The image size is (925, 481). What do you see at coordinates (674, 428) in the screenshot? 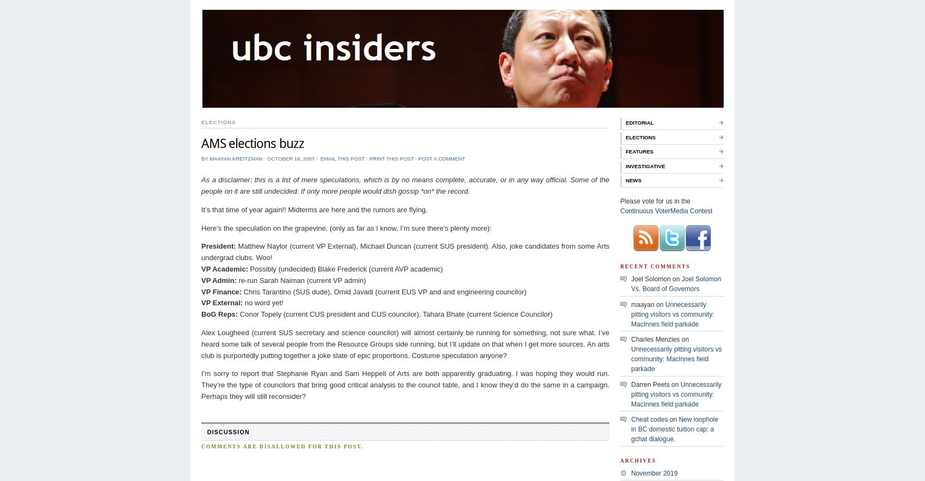
I see `'New loophole in BC domestic tuition cap: a gchat dialogue.'` at bounding box center [674, 428].